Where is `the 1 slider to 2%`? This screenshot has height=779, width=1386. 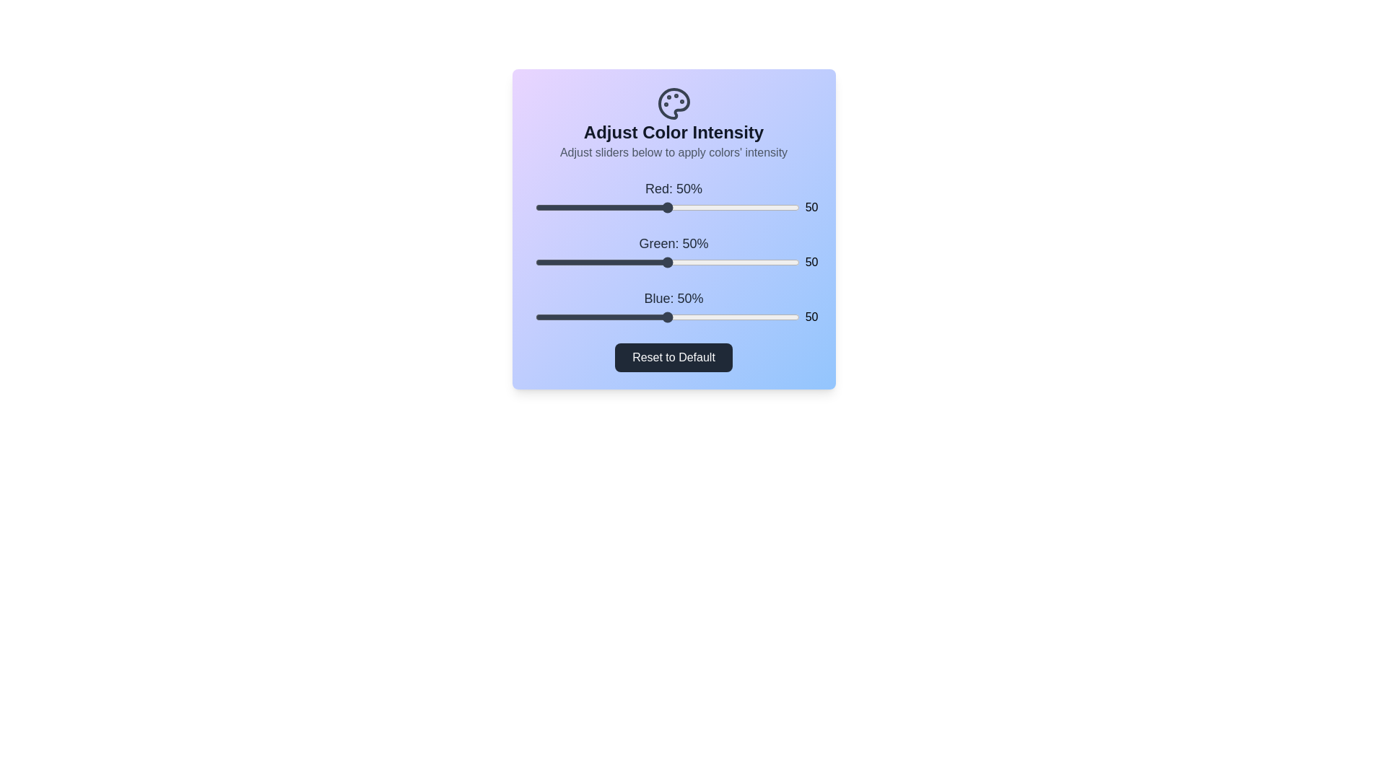 the 1 slider to 2% is located at coordinates (539, 262).